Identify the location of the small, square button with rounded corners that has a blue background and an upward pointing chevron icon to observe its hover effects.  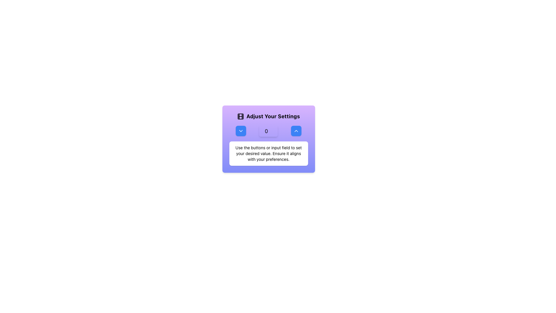
(296, 131).